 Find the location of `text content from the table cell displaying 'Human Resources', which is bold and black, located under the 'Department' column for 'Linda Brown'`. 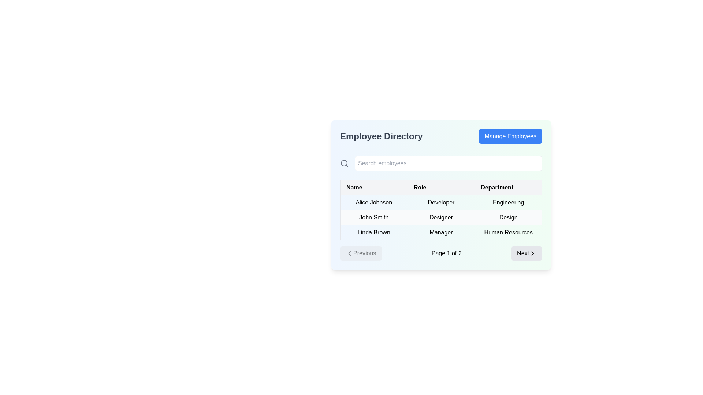

text content from the table cell displaying 'Human Resources', which is bold and black, located under the 'Department' column for 'Linda Brown' is located at coordinates (508, 233).